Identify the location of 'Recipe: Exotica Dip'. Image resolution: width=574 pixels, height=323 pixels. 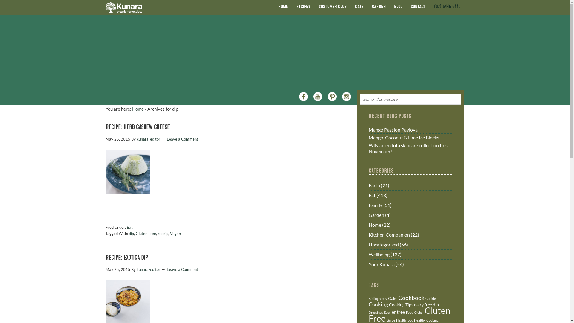
(126, 257).